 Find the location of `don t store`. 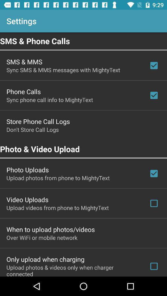

don t store is located at coordinates (32, 129).